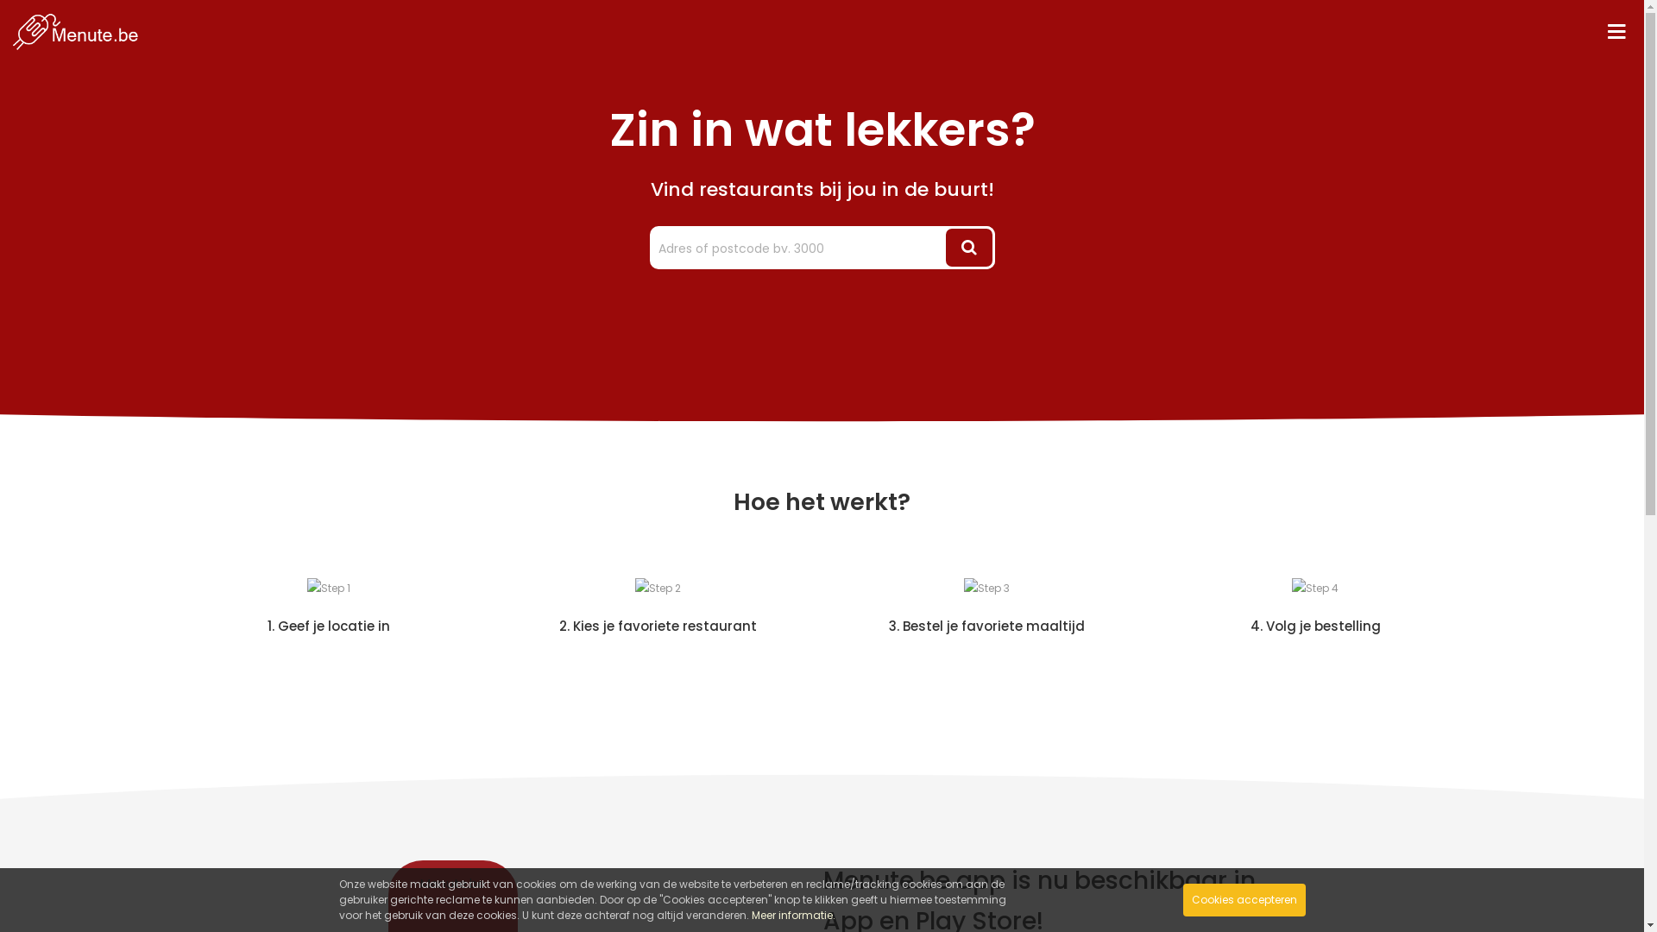 The width and height of the screenshot is (1657, 932). Describe the element at coordinates (1243, 898) in the screenshot. I see `'Cookies accepteren'` at that location.